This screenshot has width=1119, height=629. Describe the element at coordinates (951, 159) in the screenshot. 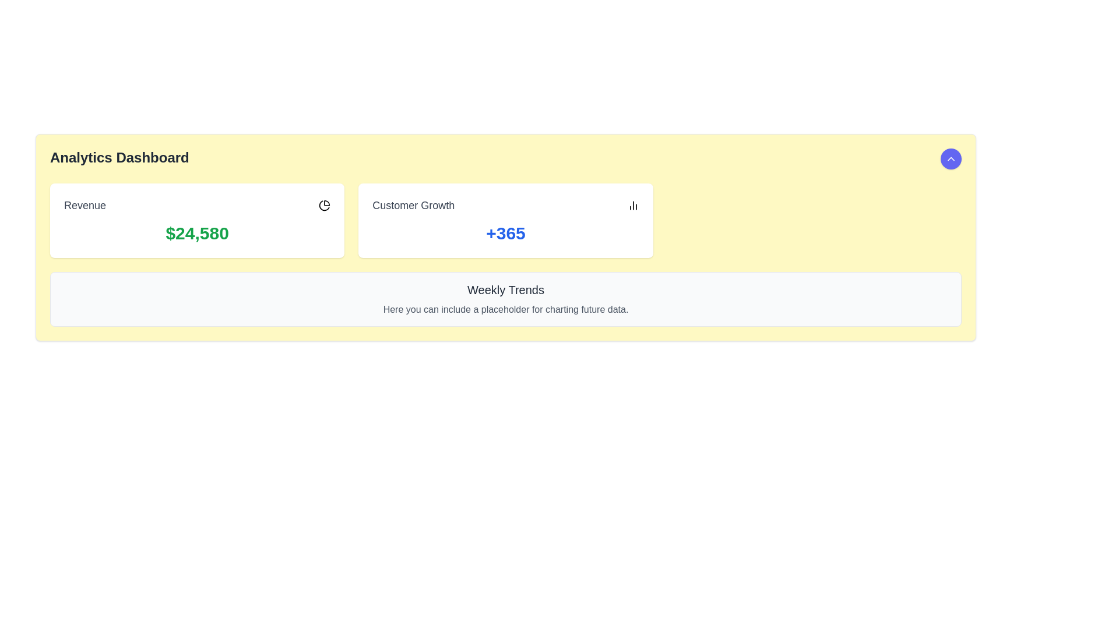

I see `the circular button icon located in the top-right corner of the interface, which serves as a visual indicator for expanding, collapsing, or moving upwards` at that location.